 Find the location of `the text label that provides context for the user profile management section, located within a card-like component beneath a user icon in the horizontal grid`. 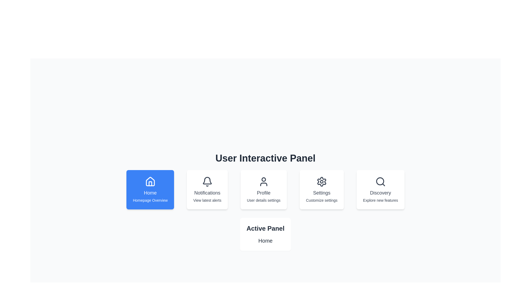

the text label that provides context for the user profile management section, located within a card-like component beneath a user icon in the horizontal grid is located at coordinates (263, 193).